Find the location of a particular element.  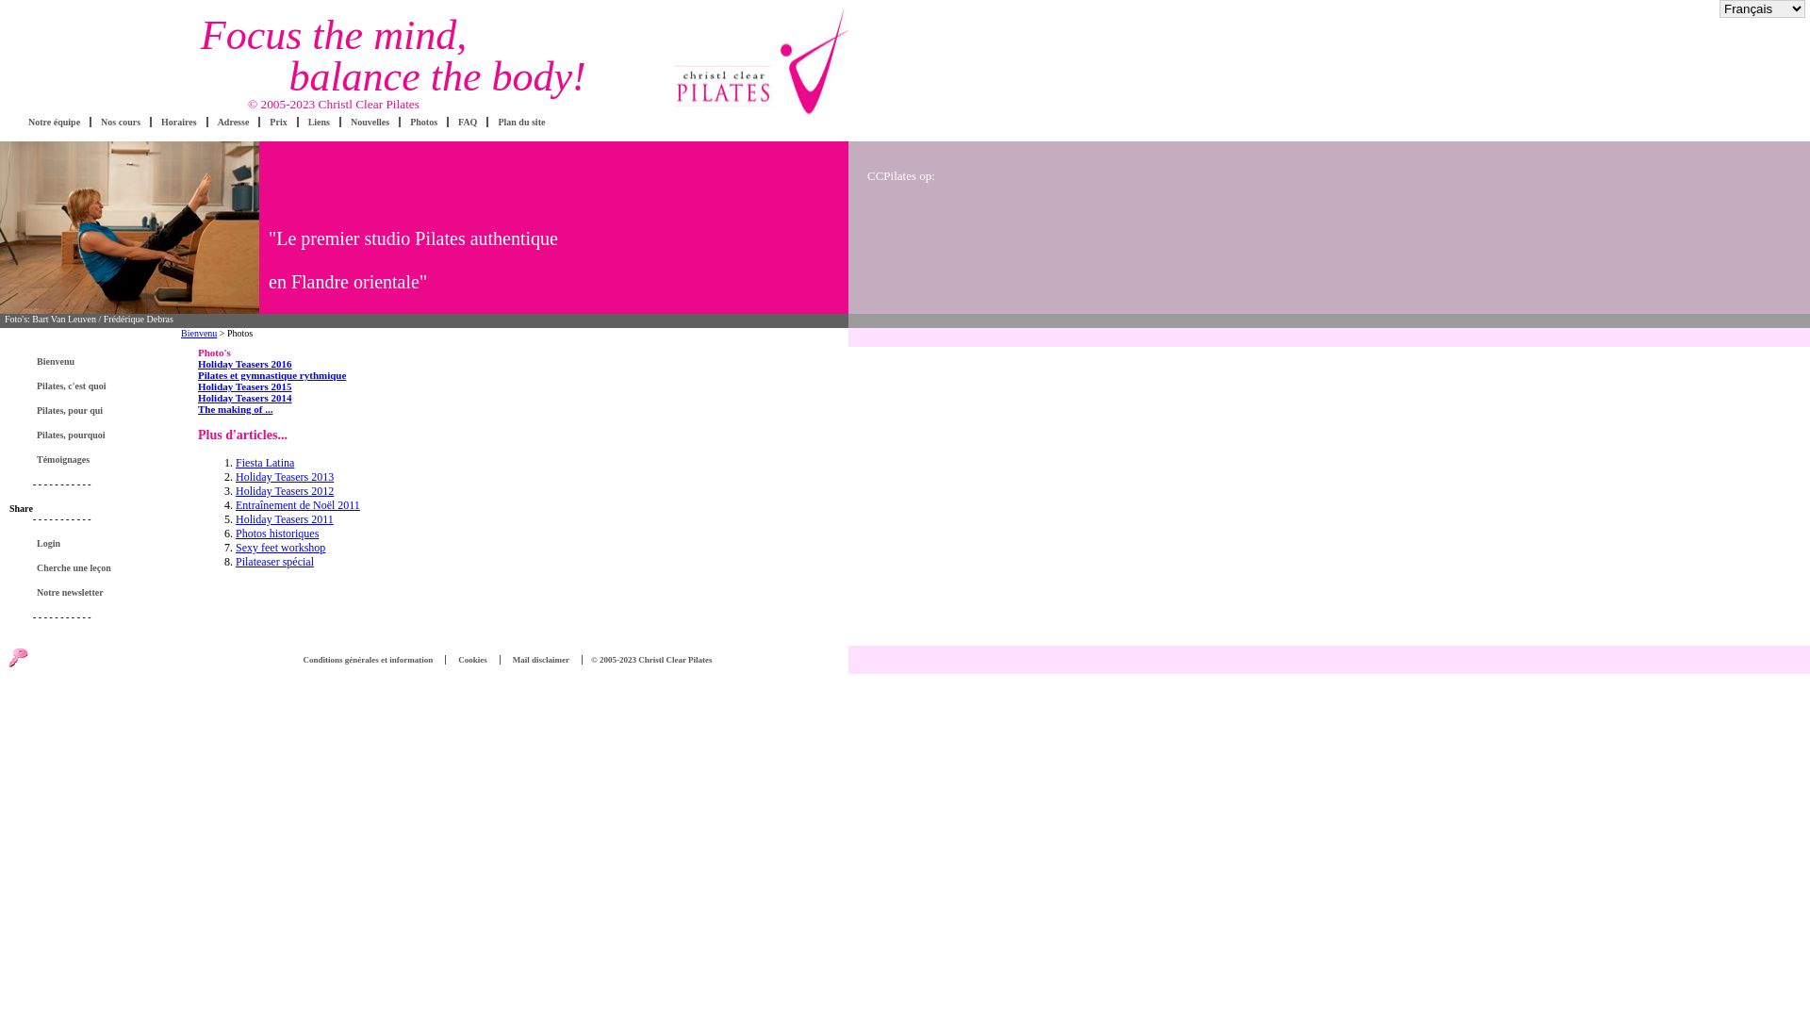

'Login' is located at coordinates (48, 543).